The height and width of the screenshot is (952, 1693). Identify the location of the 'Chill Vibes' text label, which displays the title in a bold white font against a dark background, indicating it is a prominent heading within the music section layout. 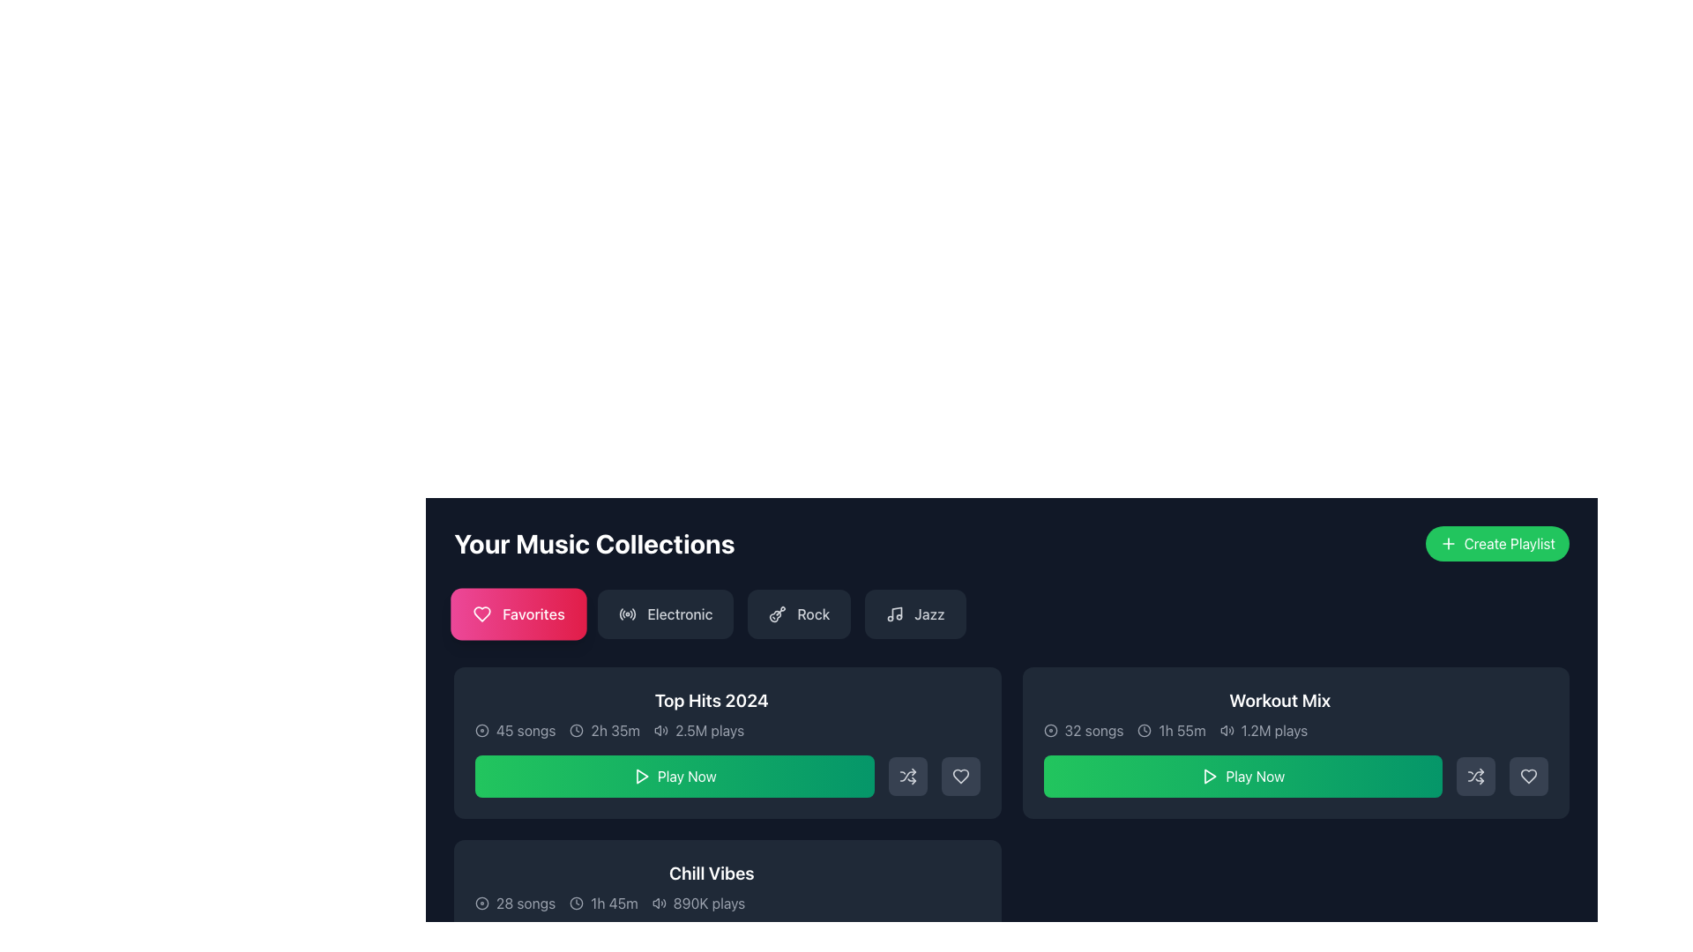
(712, 874).